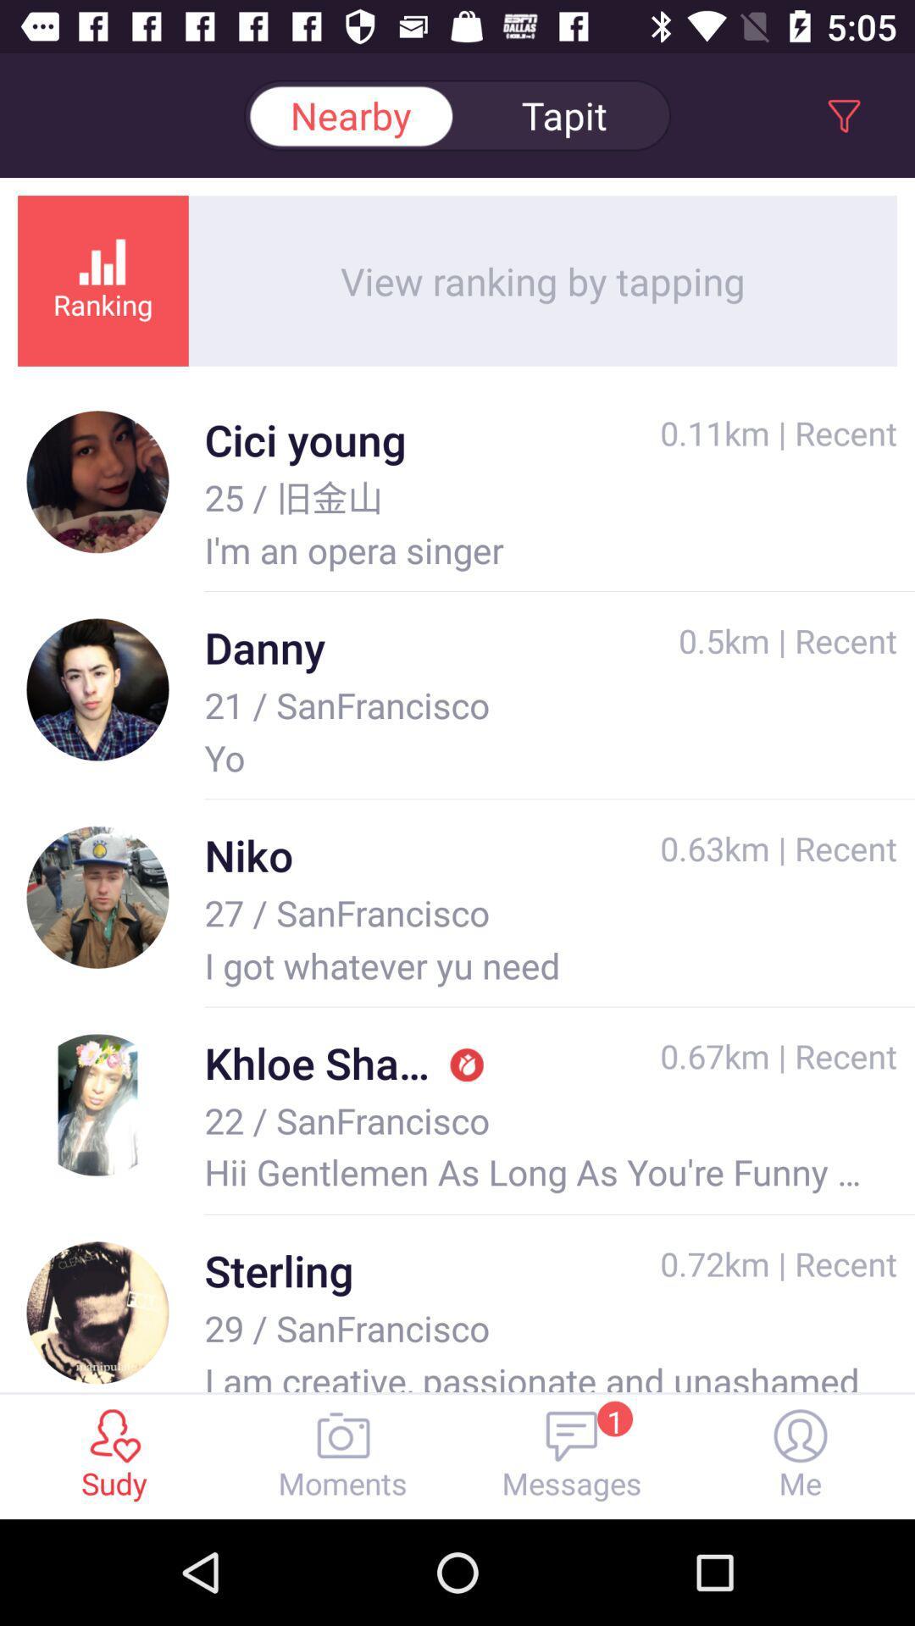 This screenshot has width=915, height=1626. I want to click on the image beside the text sterling, so click(97, 1312).